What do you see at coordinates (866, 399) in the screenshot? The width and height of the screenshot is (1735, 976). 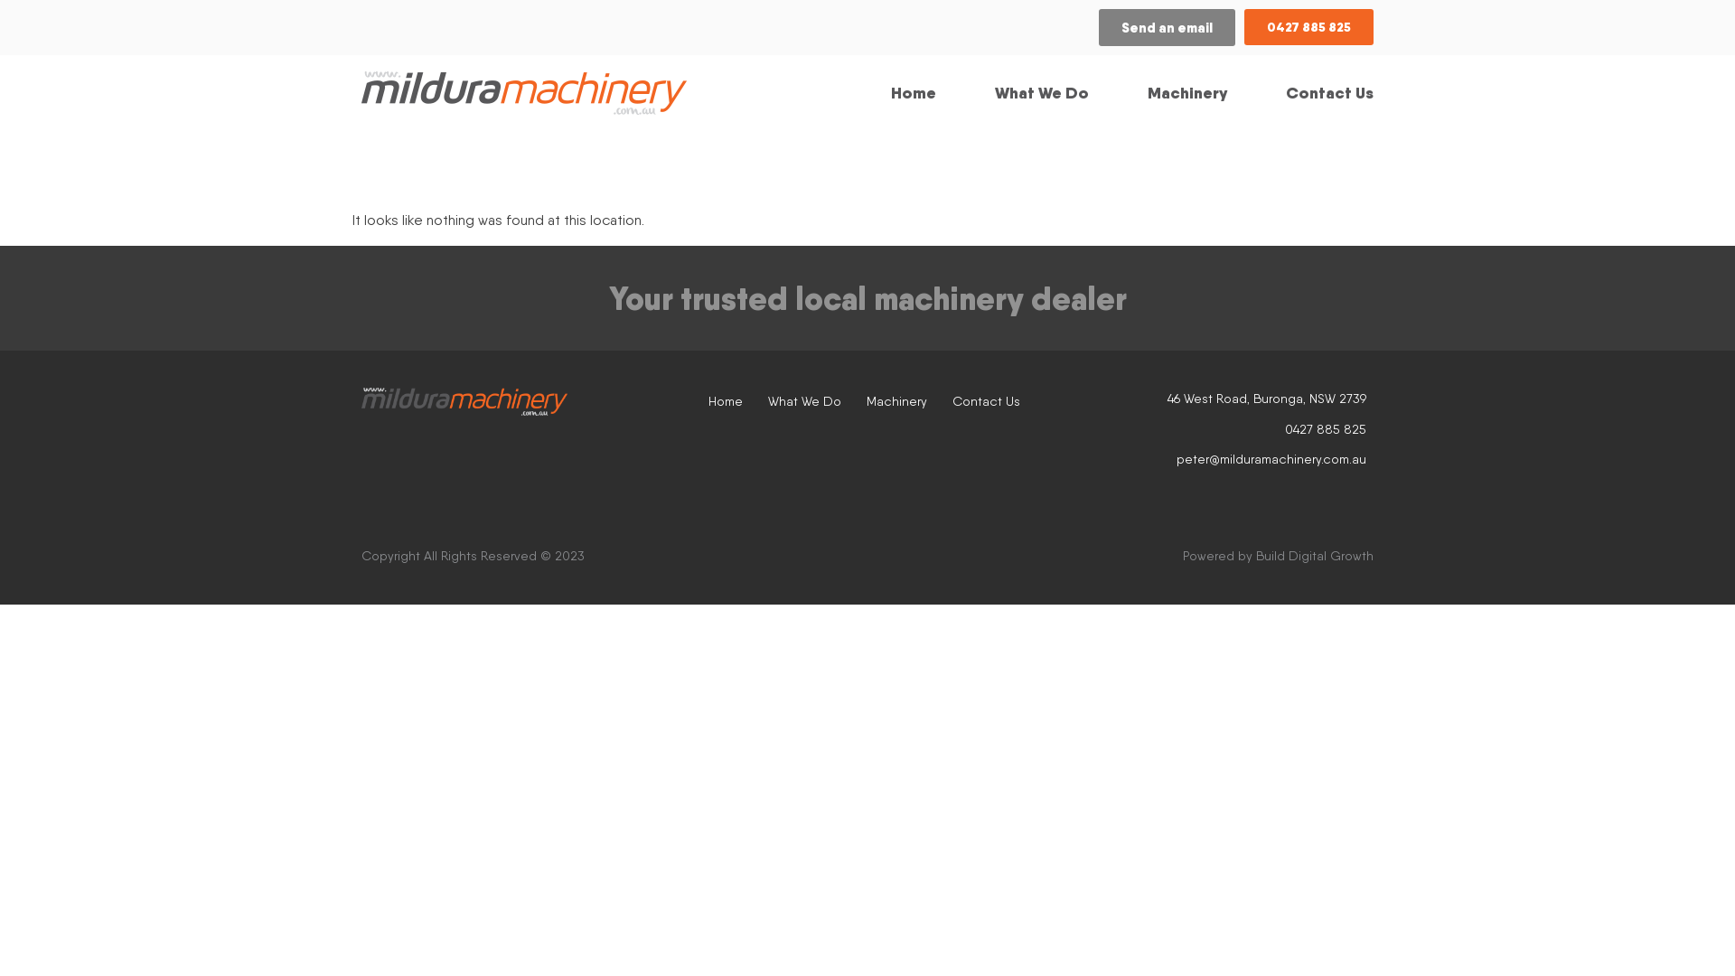 I see `'Machinery'` at bounding box center [866, 399].